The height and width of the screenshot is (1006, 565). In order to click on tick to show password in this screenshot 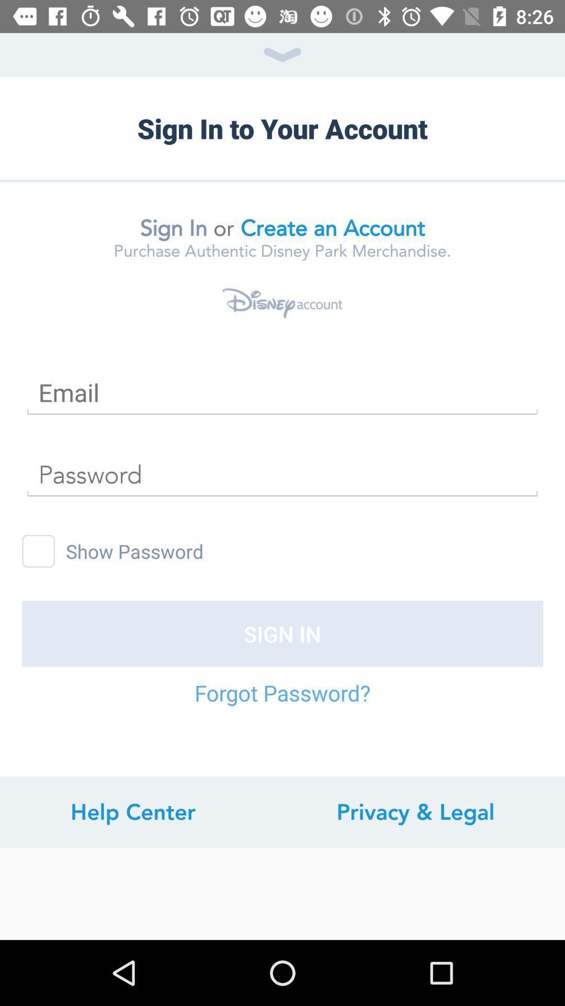, I will do `click(38, 551)`.